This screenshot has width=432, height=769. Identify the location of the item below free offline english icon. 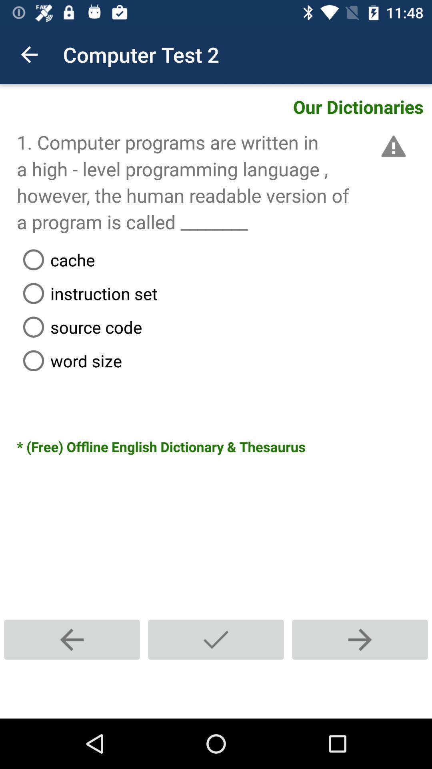
(72, 639).